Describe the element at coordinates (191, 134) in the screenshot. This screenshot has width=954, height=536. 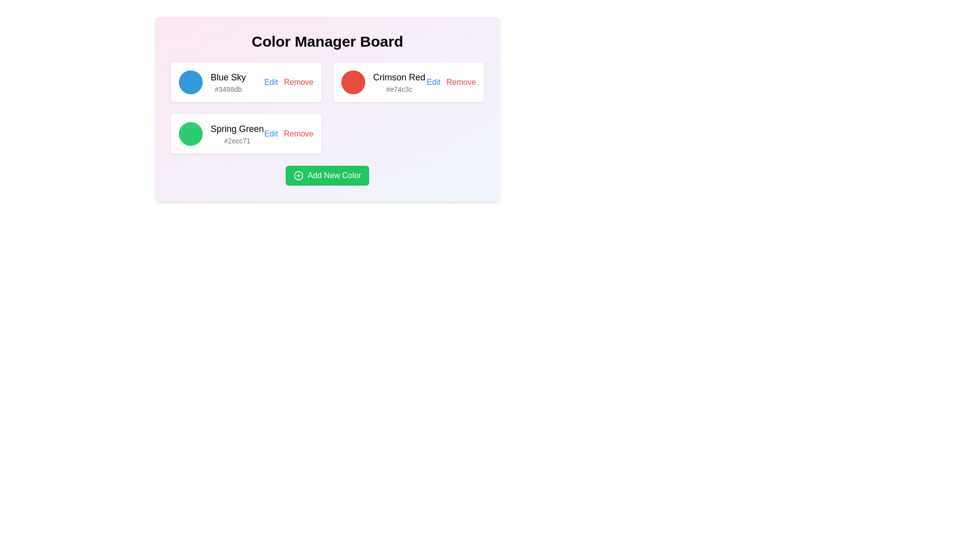
I see `the vibrant green circular Color Indicator that represents the 'Spring Green' color option, located in the second row of the color selection board, to the left of the labels 'Spring Green' and '#2ecc71'` at that location.